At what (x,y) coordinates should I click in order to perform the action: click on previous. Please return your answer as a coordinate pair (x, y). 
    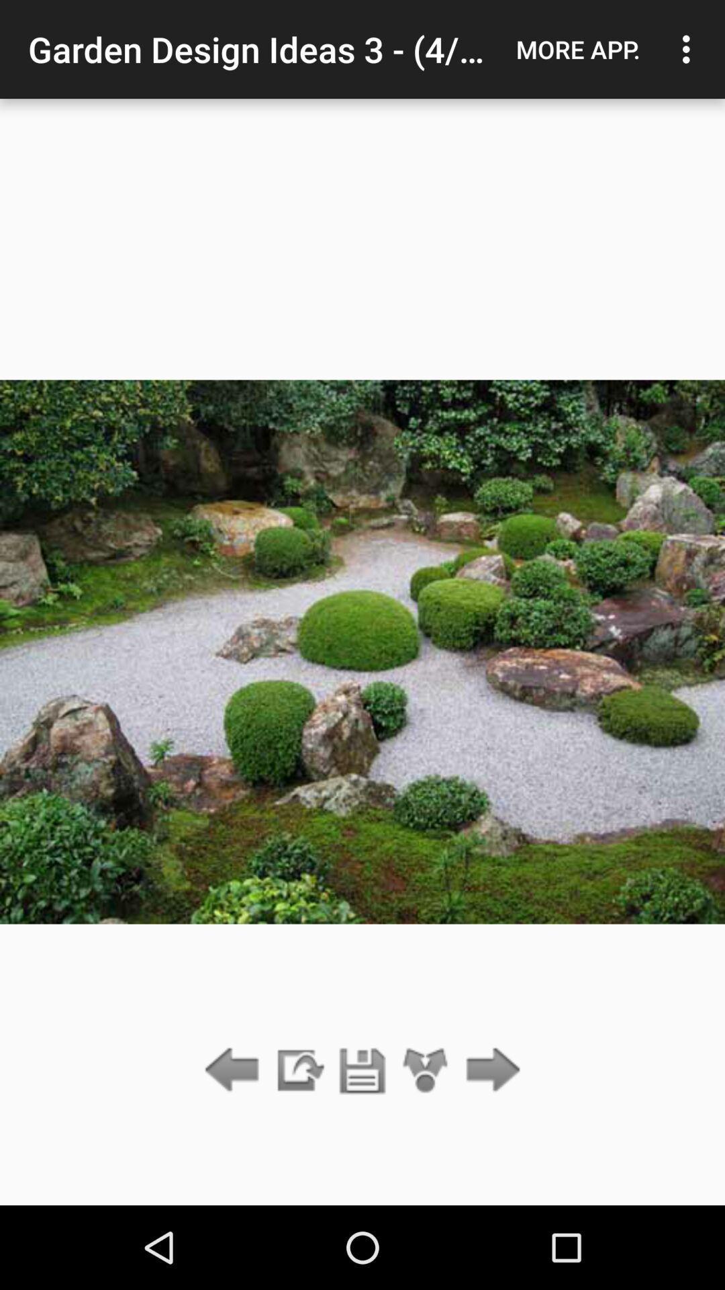
    Looking at the image, I should click on (235, 1070).